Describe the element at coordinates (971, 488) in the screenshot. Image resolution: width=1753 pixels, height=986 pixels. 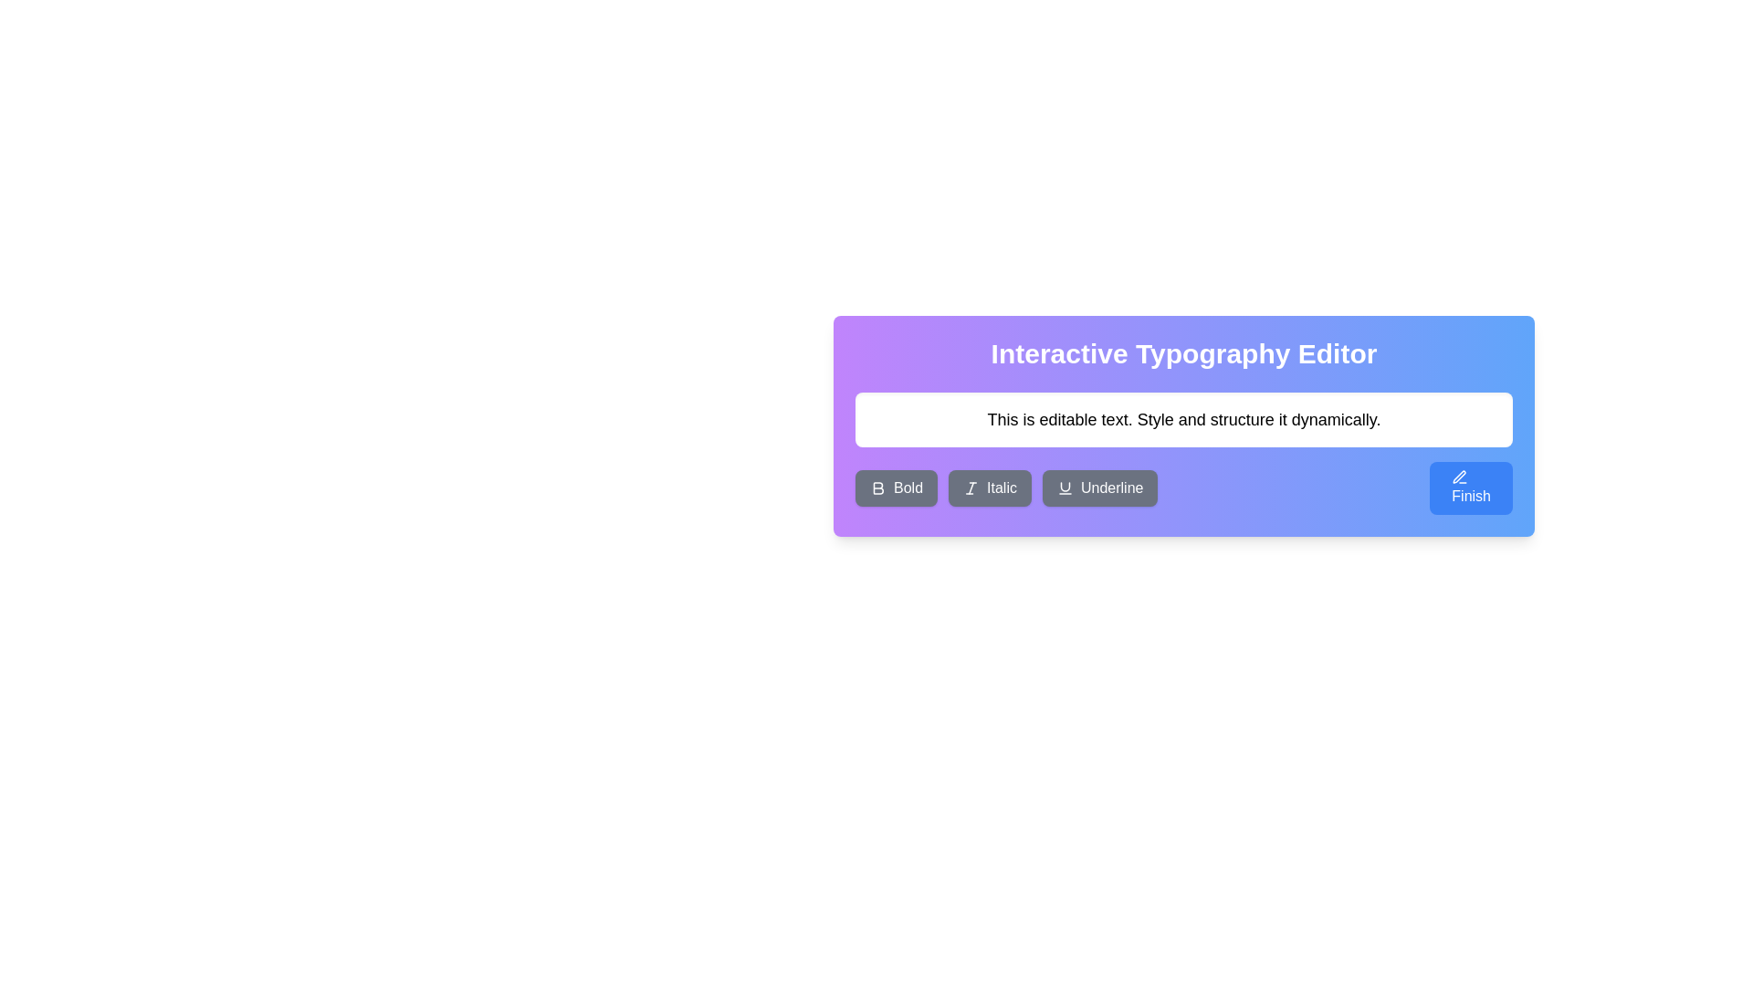
I see `the italic button, which is the second icon in the formatting toolbar, represented by a decorative line in the SVG icon` at that location.